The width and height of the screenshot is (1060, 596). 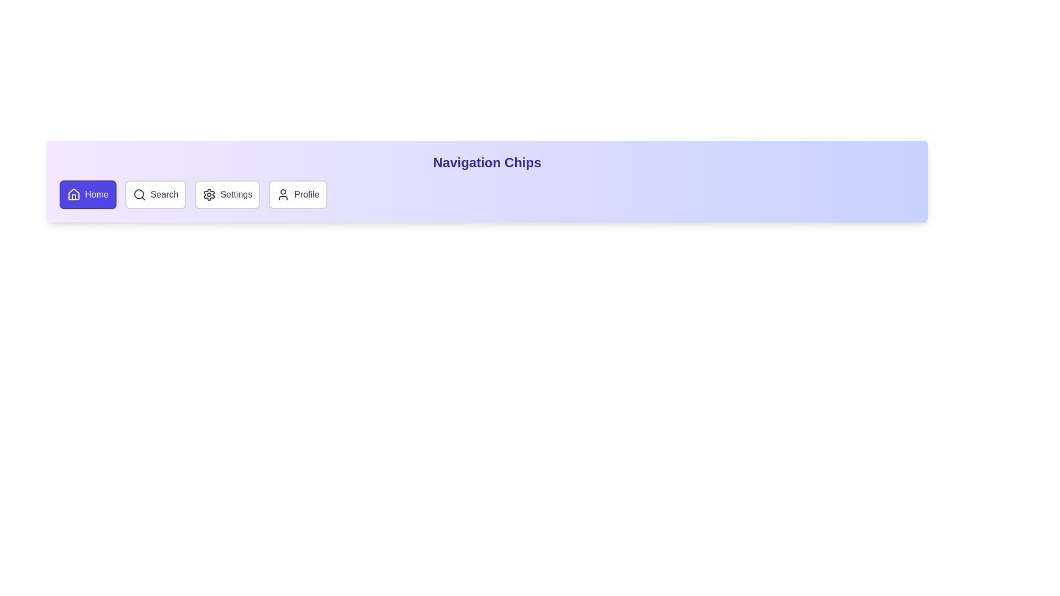 I want to click on the chip labeled Settings to activate it, so click(x=227, y=194).